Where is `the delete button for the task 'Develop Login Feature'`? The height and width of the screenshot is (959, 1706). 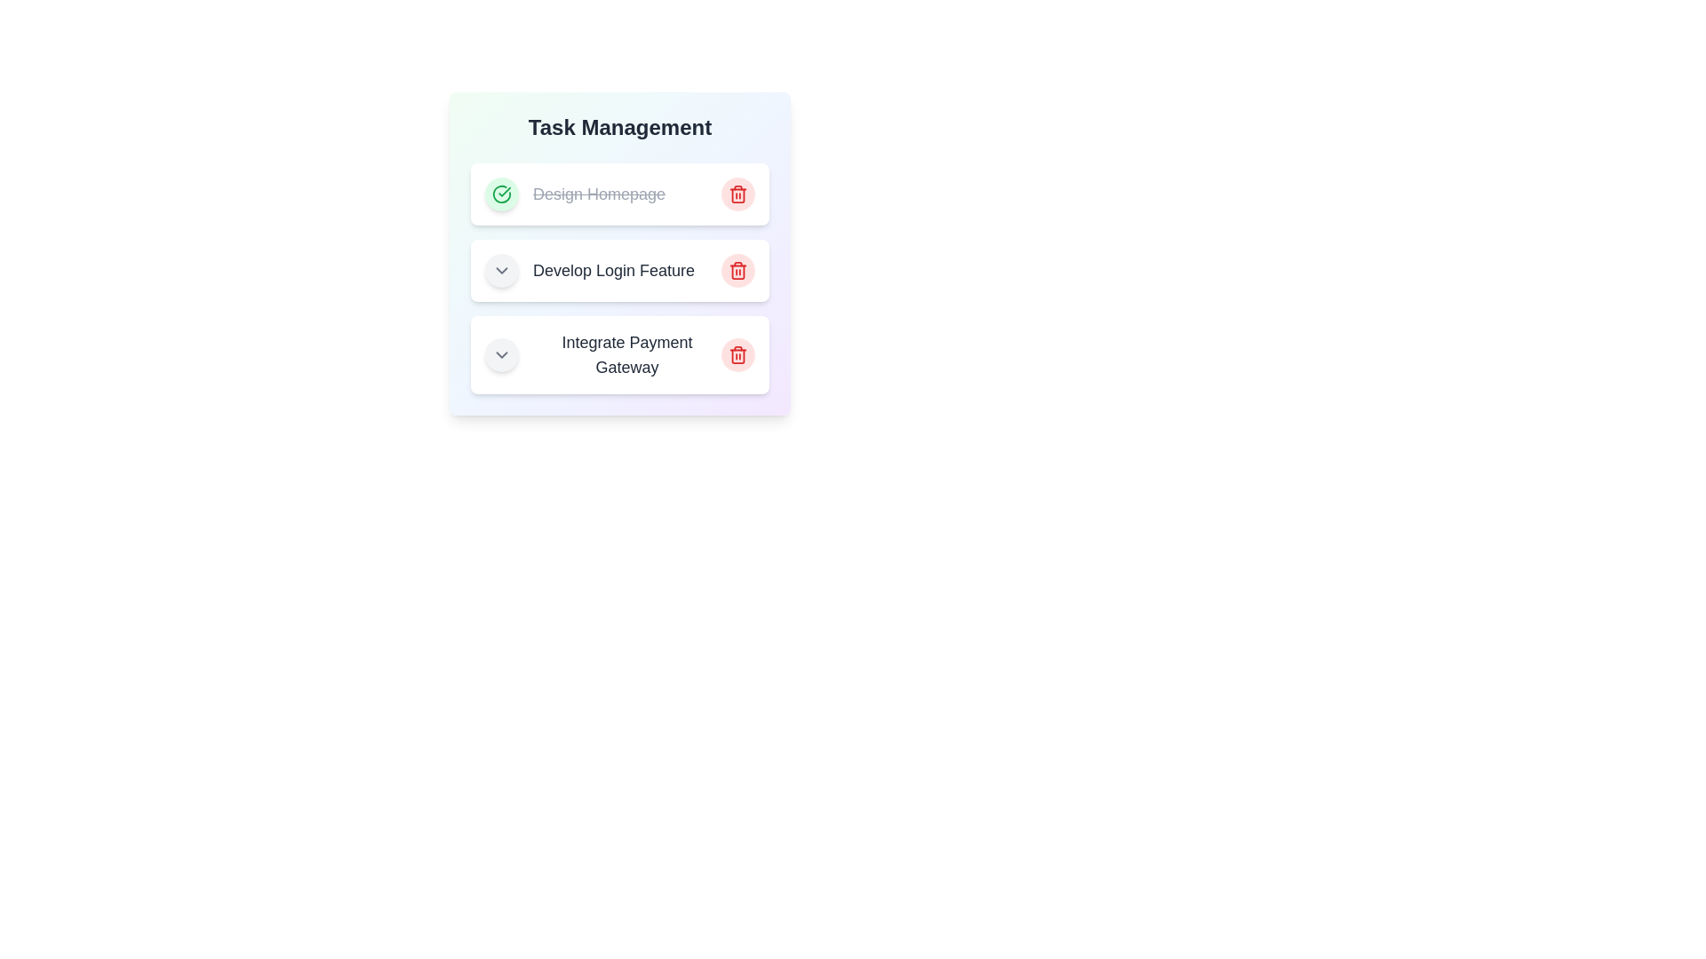
the delete button for the task 'Develop Login Feature' is located at coordinates (737, 270).